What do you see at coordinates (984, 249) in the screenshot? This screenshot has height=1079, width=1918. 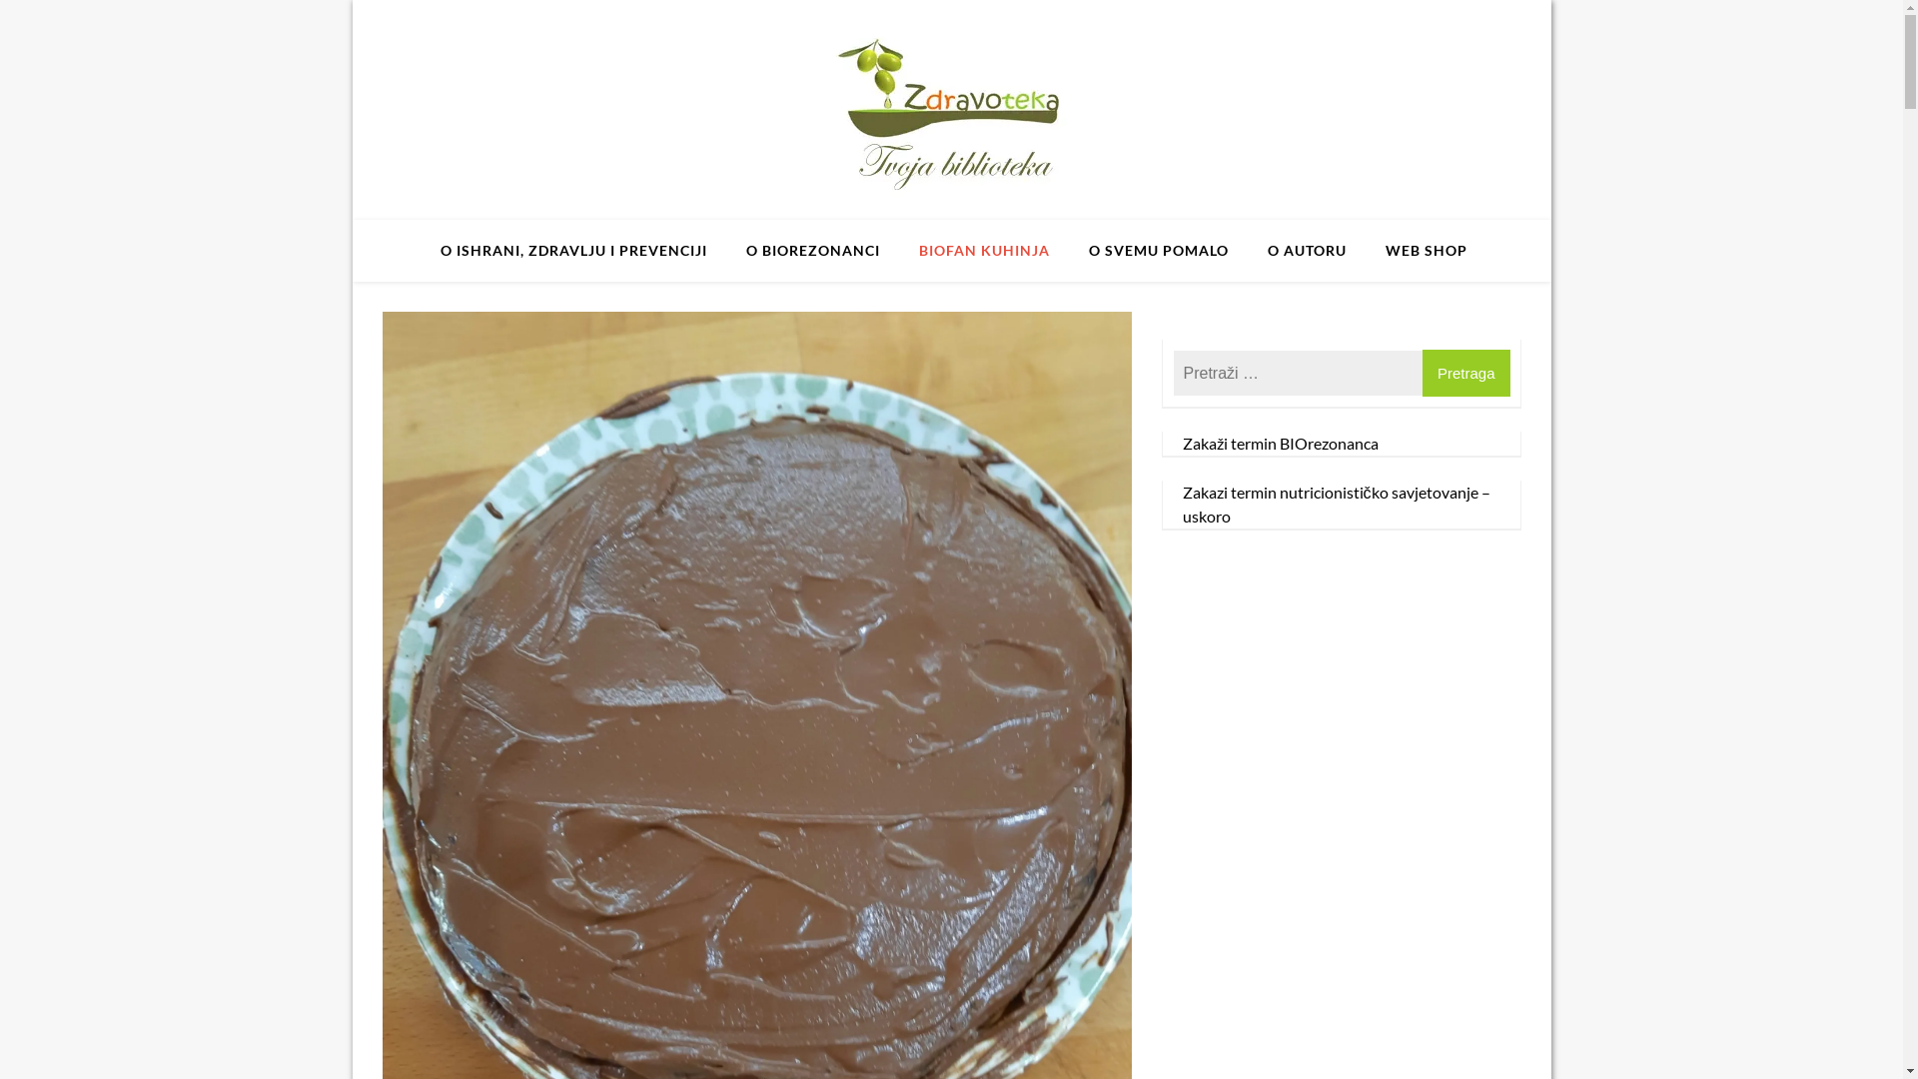 I see `'BIOFAN KUHINJA'` at bounding box center [984, 249].